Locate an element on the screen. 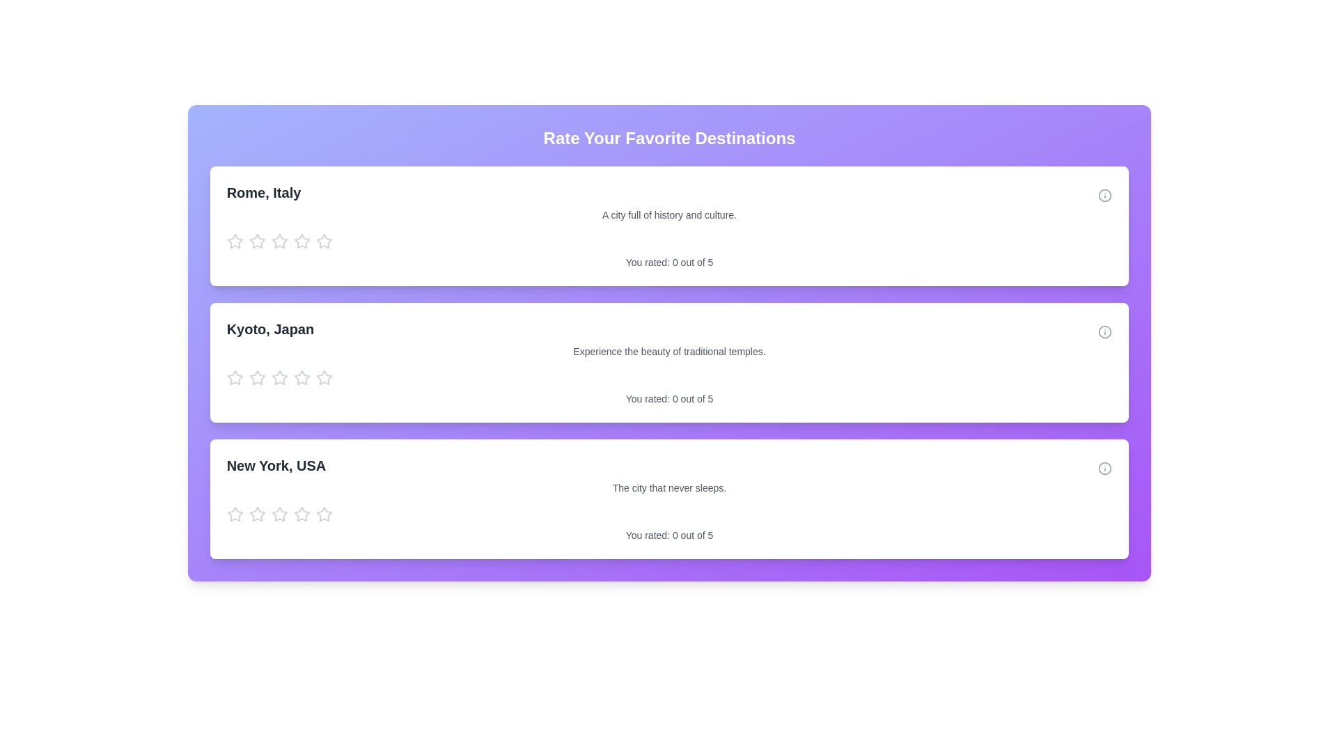 The image size is (1337, 752). the fourth star in the rating system on the 'Kyoto, Japan' card is located at coordinates (279, 378).